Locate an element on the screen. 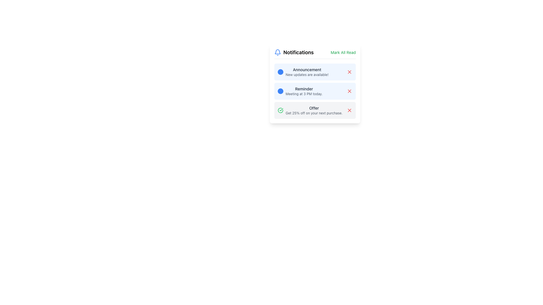 This screenshot has height=305, width=543. the second notification entry in the list is located at coordinates (300, 91).